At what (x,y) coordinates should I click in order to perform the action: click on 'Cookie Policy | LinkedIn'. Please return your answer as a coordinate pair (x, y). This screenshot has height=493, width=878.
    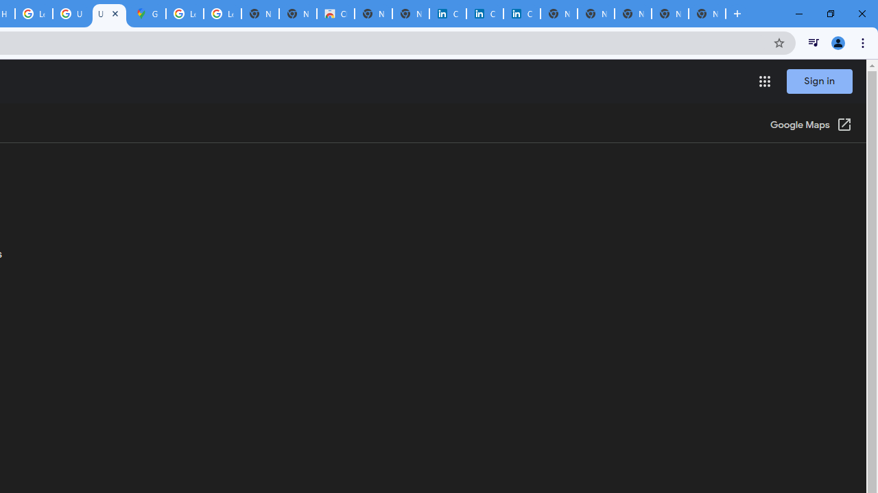
    Looking at the image, I should click on (447, 14).